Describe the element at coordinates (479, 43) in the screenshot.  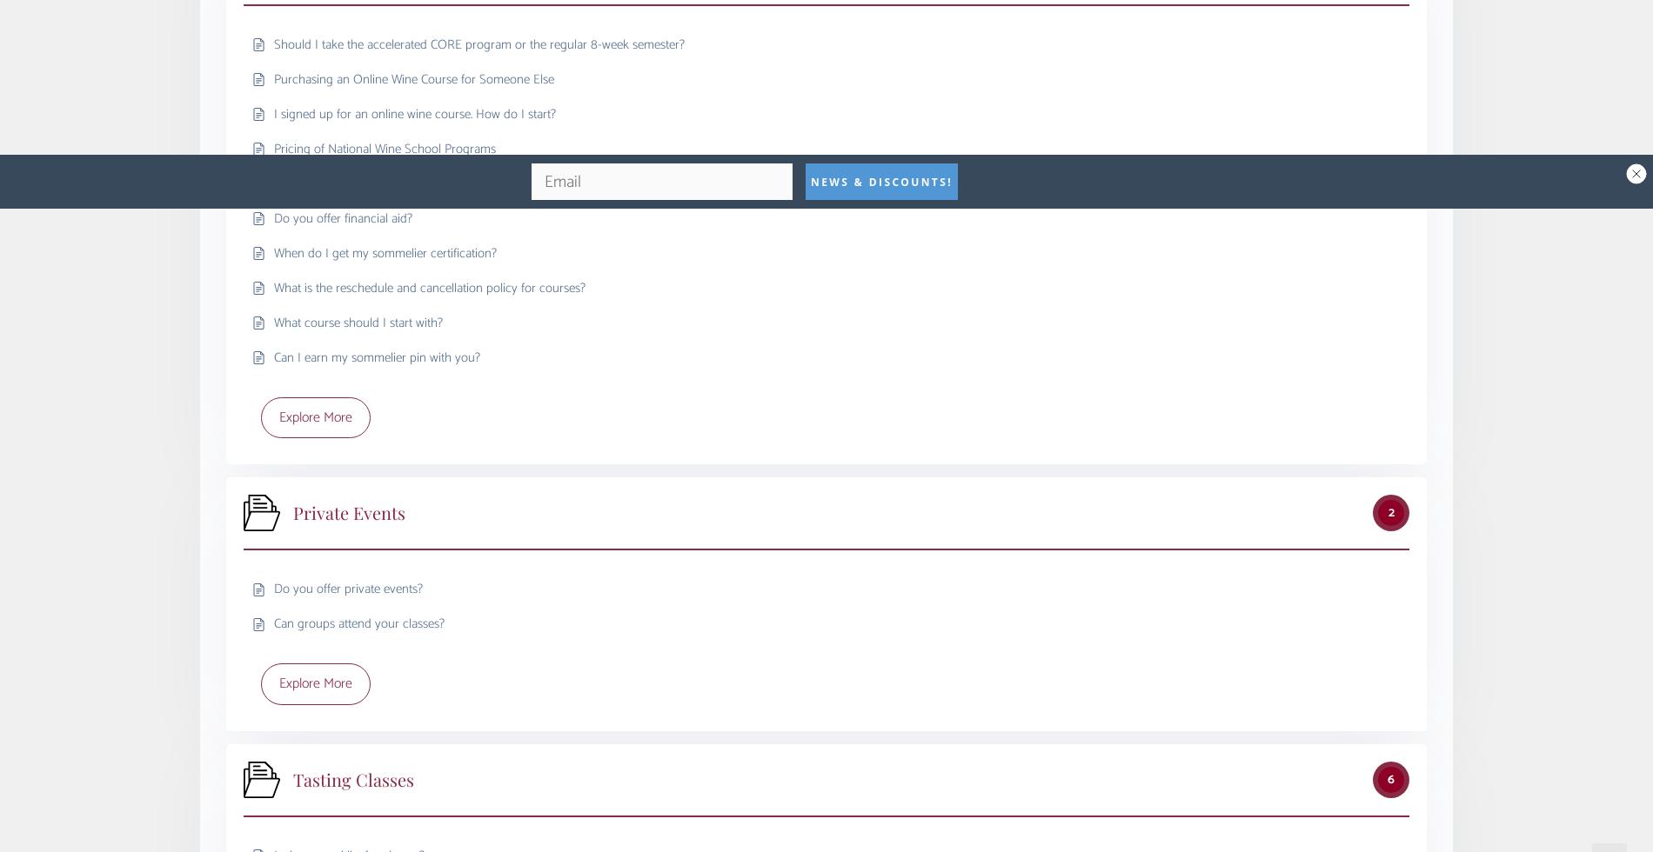
I see `'Should I take the accelerated CORE program or the regular 8-week semester?'` at that location.